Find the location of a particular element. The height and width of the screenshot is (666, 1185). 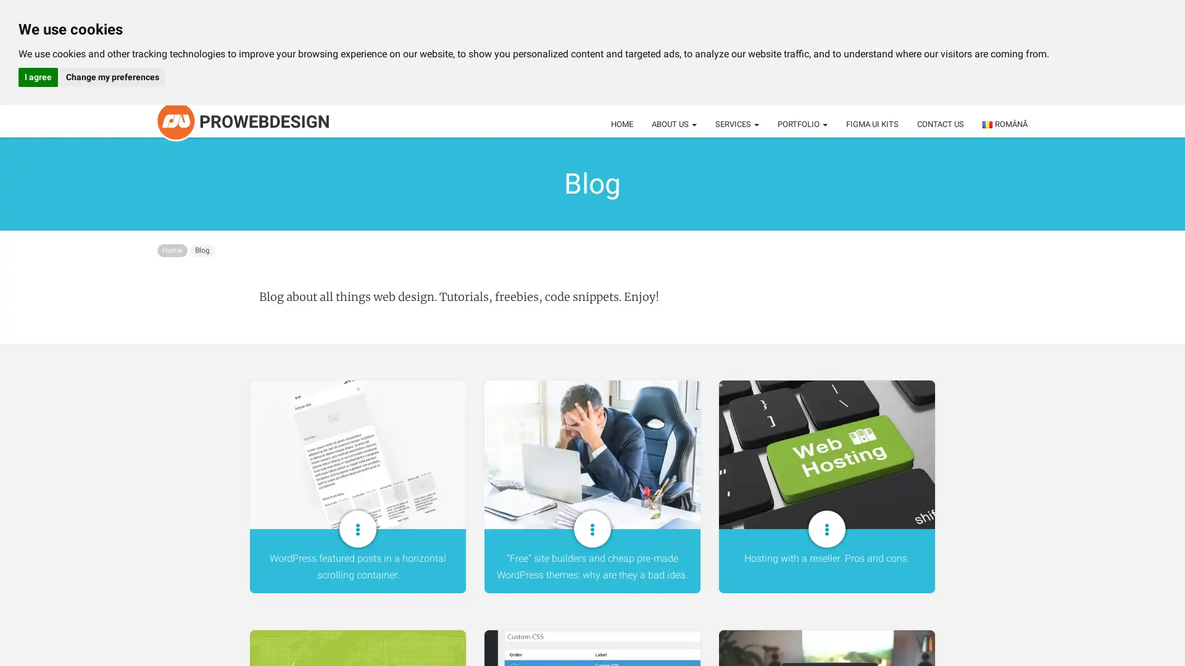

Change my preferences is located at coordinates (112, 77).